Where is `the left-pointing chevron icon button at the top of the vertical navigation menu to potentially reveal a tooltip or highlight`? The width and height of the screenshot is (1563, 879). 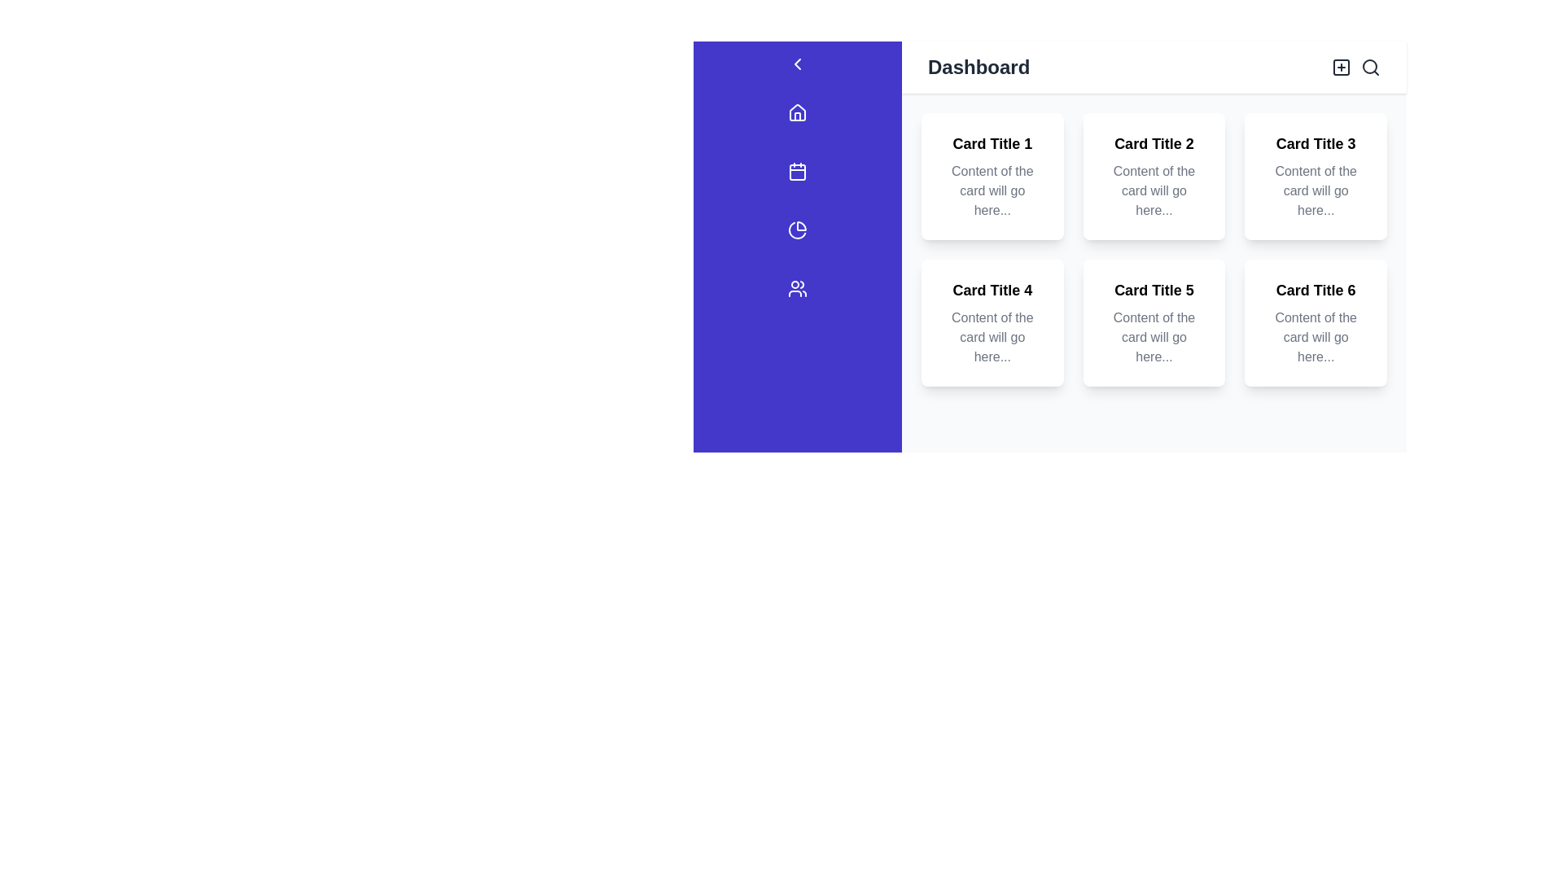 the left-pointing chevron icon button at the top of the vertical navigation menu to potentially reveal a tooltip or highlight is located at coordinates (797, 63).